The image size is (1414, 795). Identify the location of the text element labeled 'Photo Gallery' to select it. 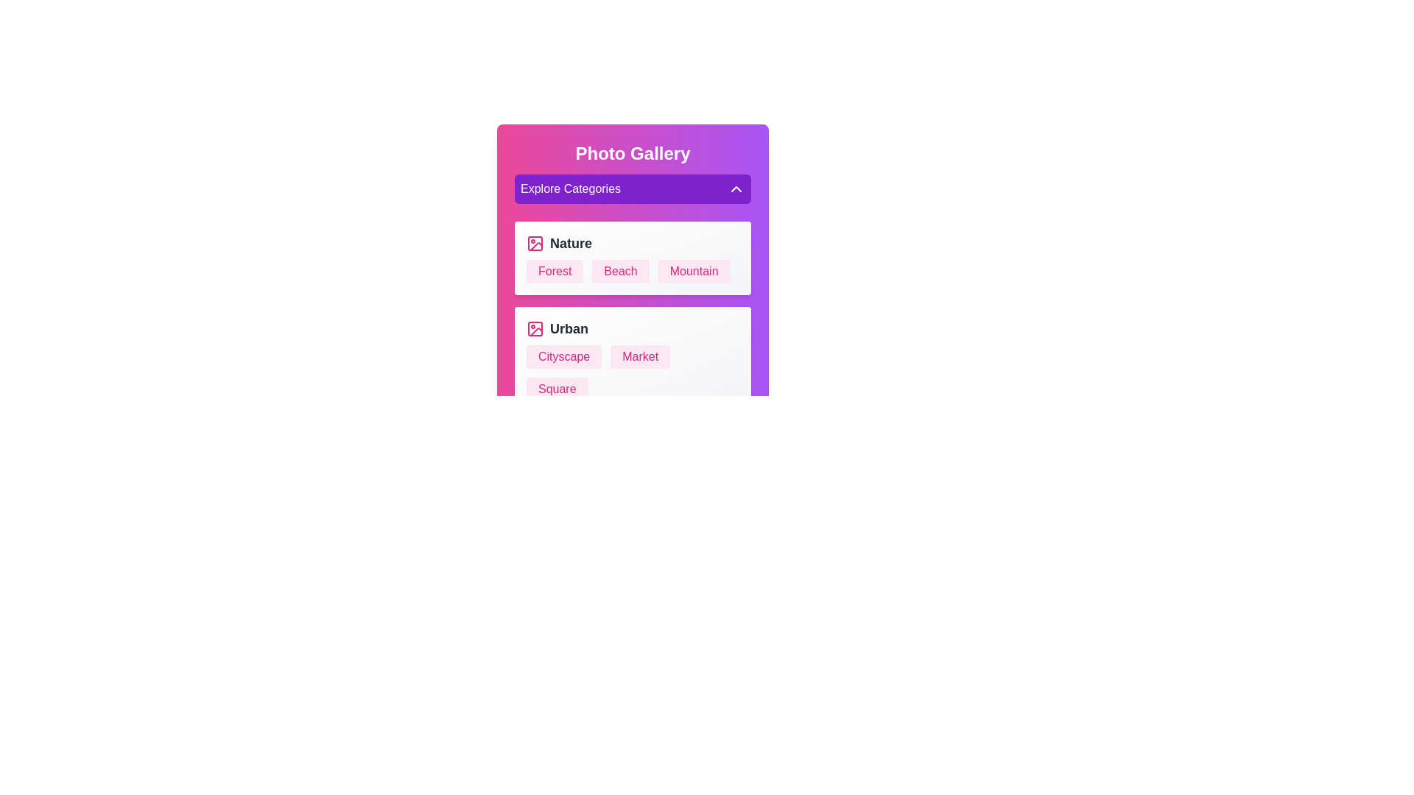
(633, 153).